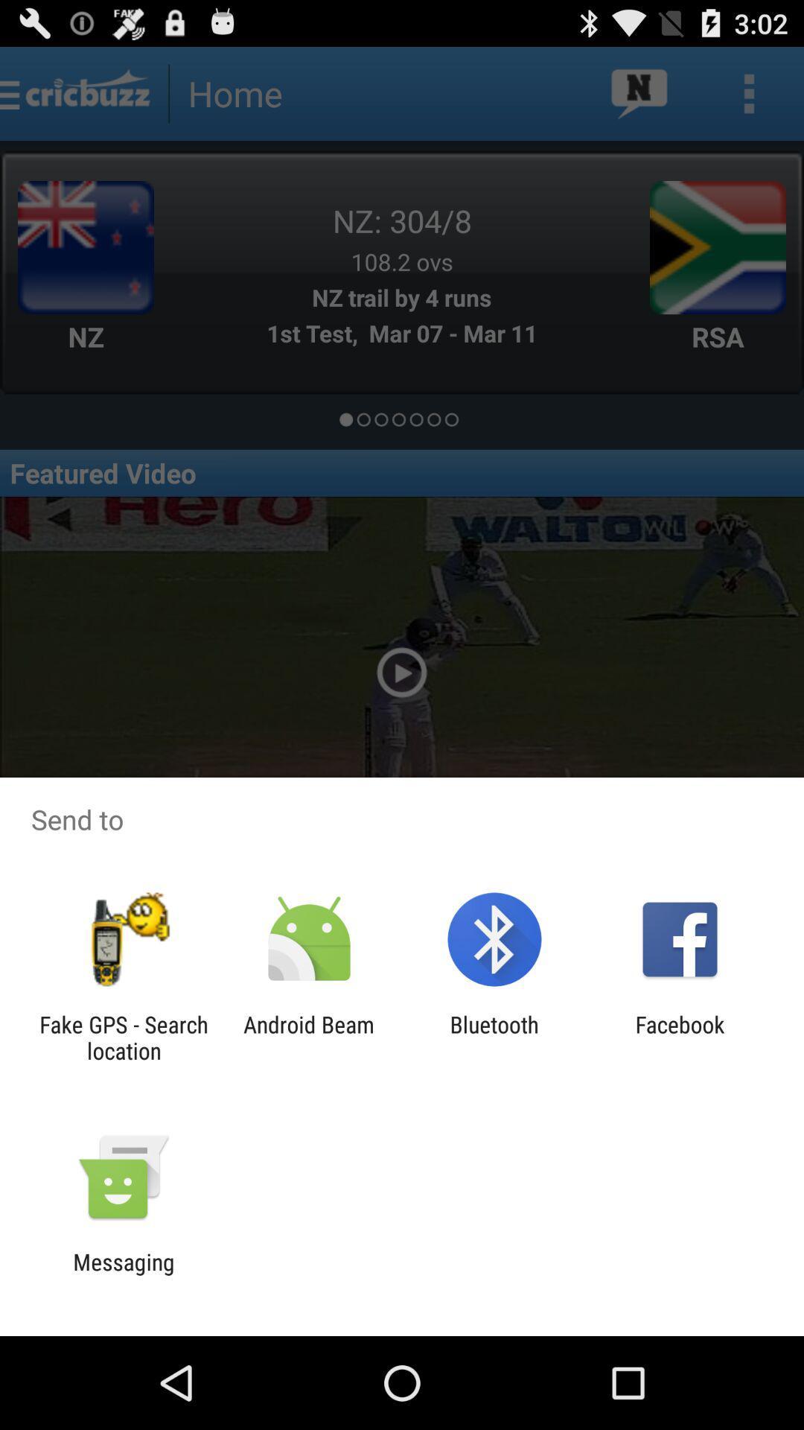 This screenshot has width=804, height=1430. I want to click on the android beam icon, so click(308, 1037).